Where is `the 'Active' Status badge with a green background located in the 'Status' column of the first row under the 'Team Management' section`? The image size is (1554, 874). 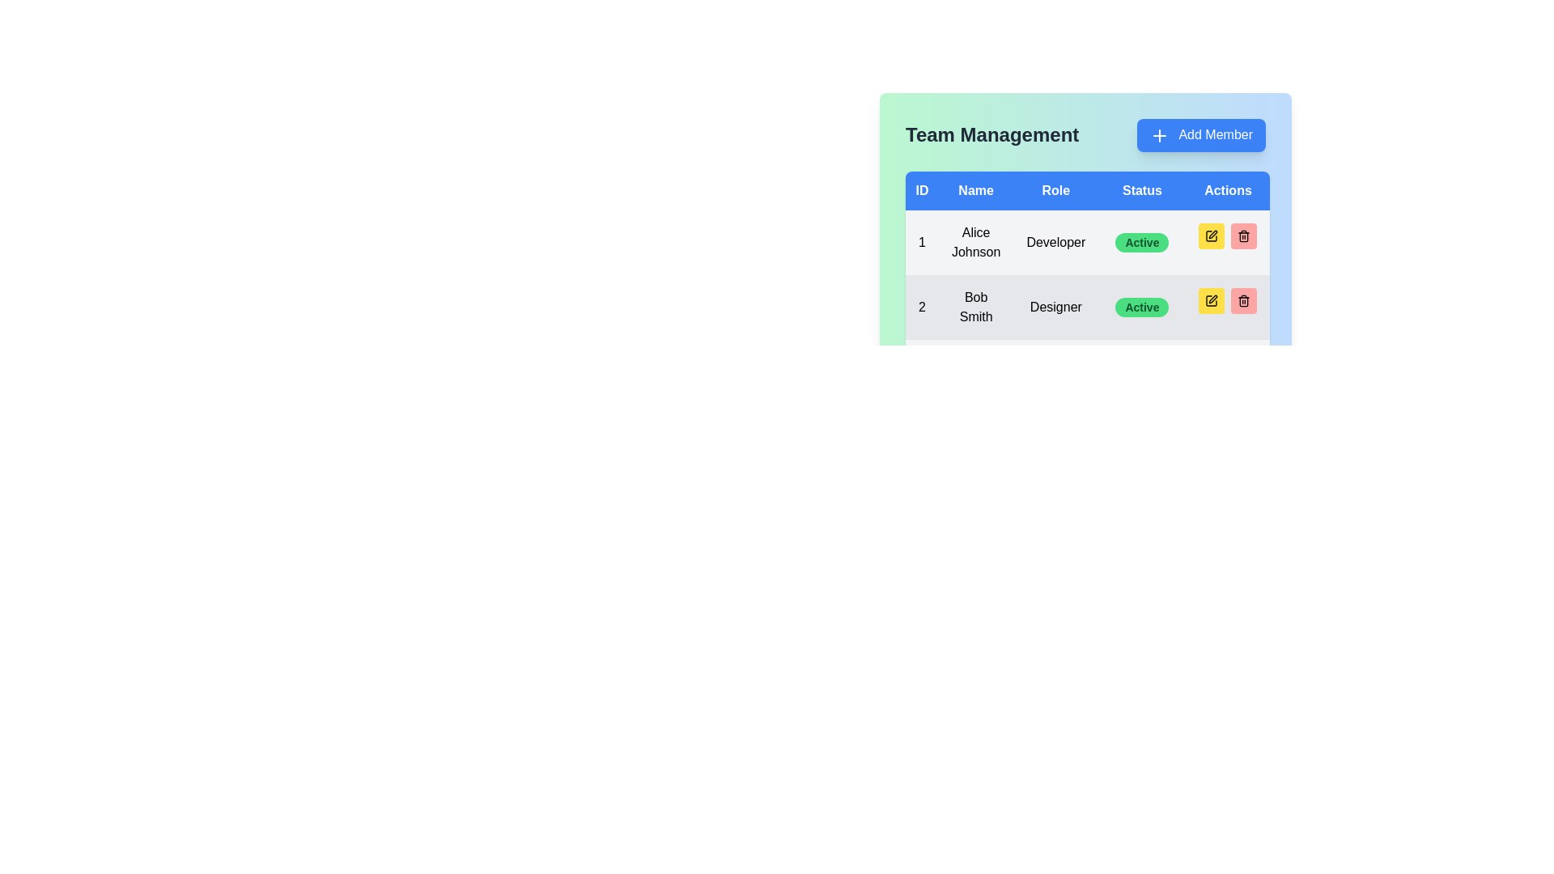 the 'Active' Status badge with a green background located in the 'Status' column of the first row under the 'Team Management' section is located at coordinates (1141, 242).